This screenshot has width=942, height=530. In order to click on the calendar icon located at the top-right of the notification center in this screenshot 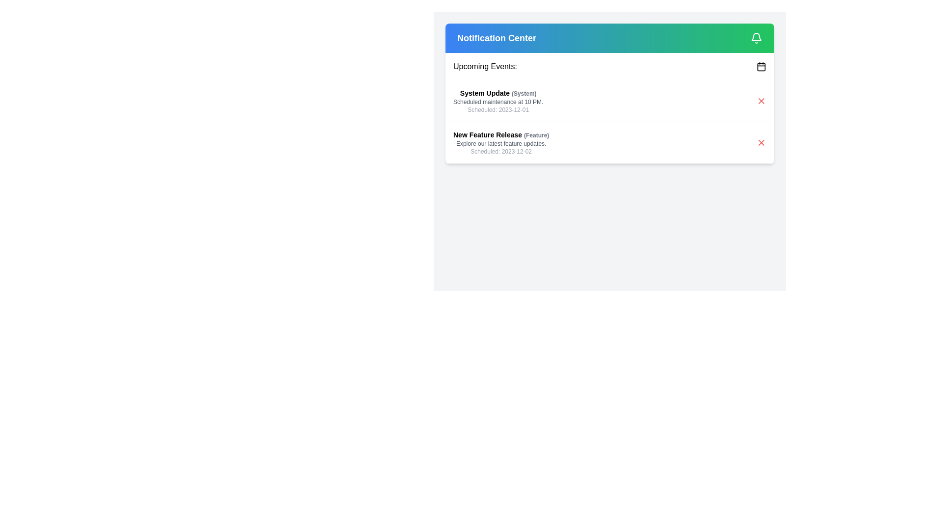, I will do `click(760, 66)`.